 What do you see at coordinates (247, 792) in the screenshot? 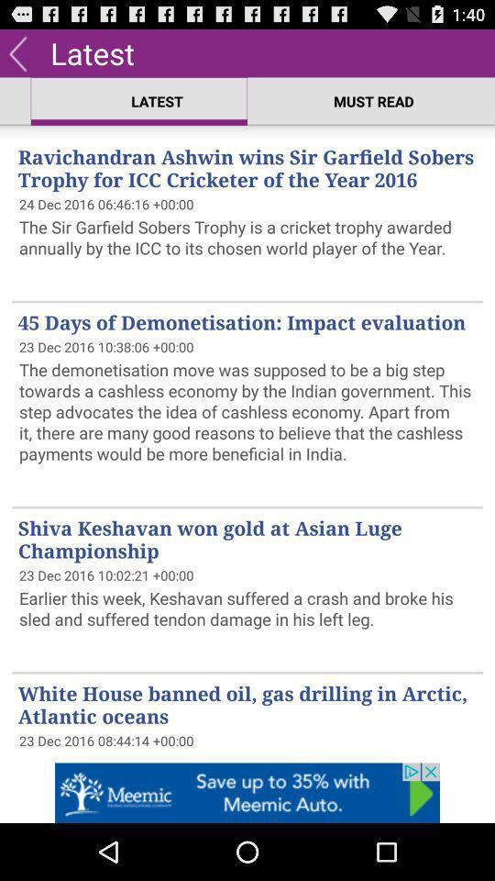
I see `advertisement` at bounding box center [247, 792].